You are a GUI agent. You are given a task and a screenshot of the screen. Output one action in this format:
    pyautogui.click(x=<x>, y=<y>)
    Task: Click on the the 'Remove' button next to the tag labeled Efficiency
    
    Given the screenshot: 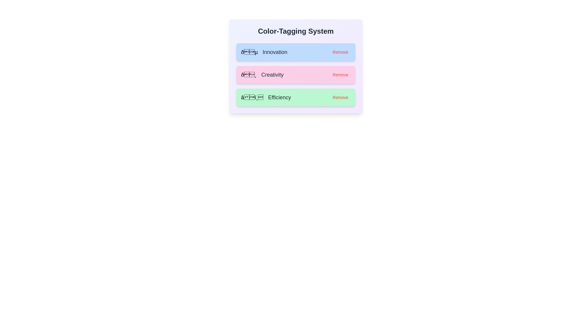 What is the action you would take?
    pyautogui.click(x=340, y=97)
    